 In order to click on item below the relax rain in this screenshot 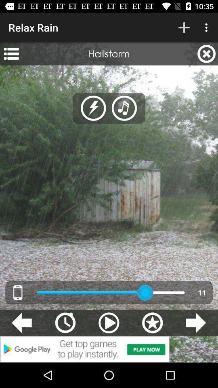, I will do `click(11, 53)`.